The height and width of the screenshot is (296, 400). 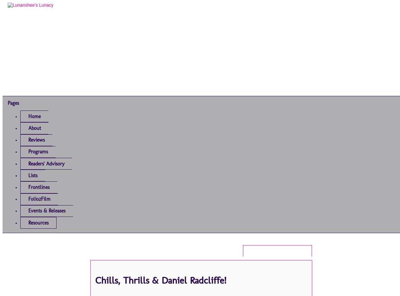 I want to click on 'Reviews', so click(x=28, y=140).